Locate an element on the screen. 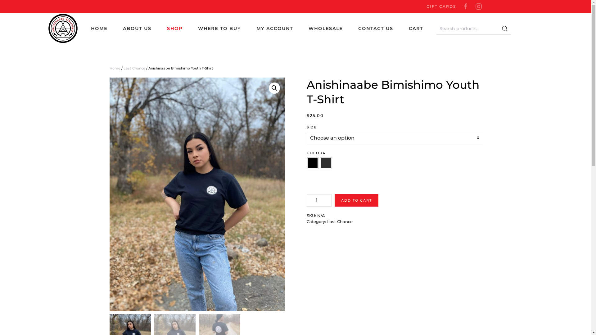  'Charcoal' is located at coordinates (326, 163).